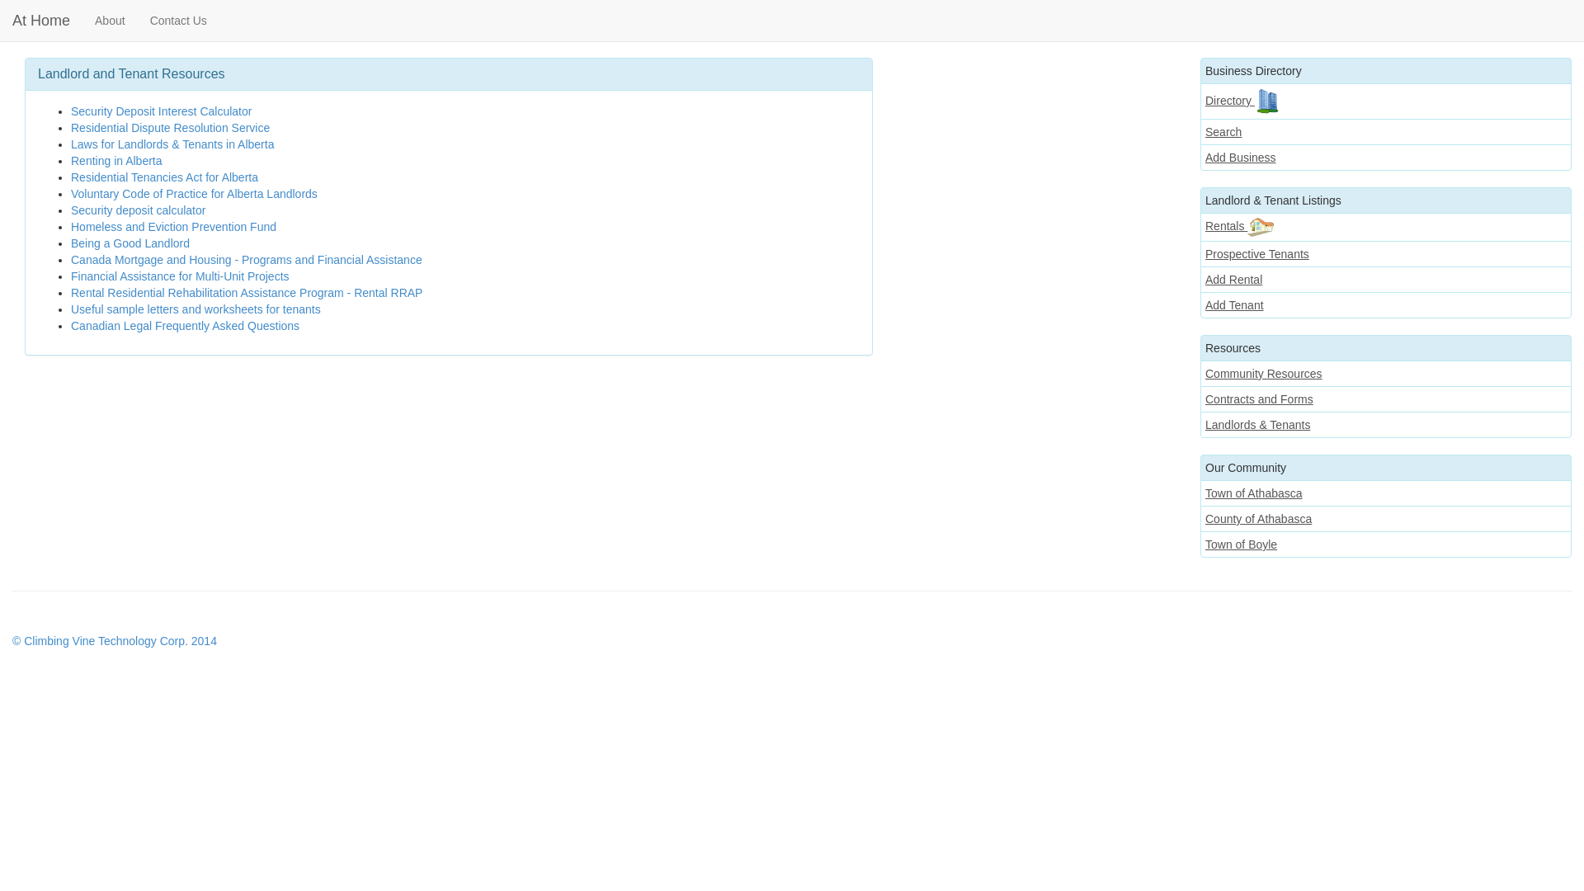  I want to click on 'Homeless and Eviction Prevention Fund', so click(70, 226).